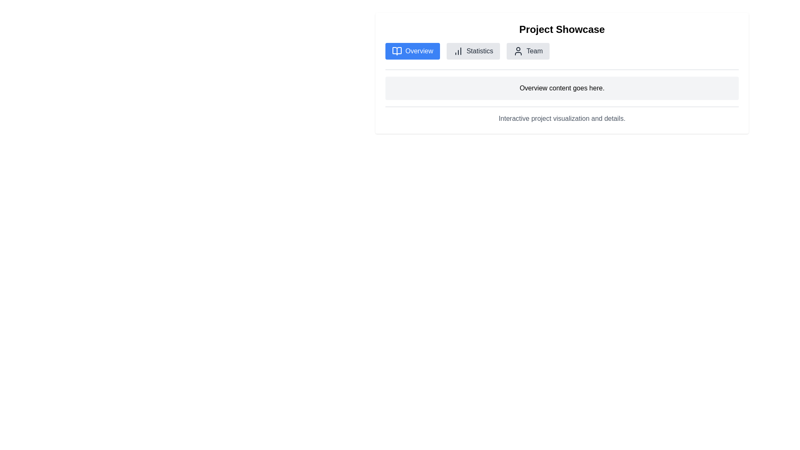 This screenshot has width=800, height=450. I want to click on the 'Team' button located in the middle of the navigation bar, which is the third button from the left after 'Overview' and 'Statistics', so click(527, 51).